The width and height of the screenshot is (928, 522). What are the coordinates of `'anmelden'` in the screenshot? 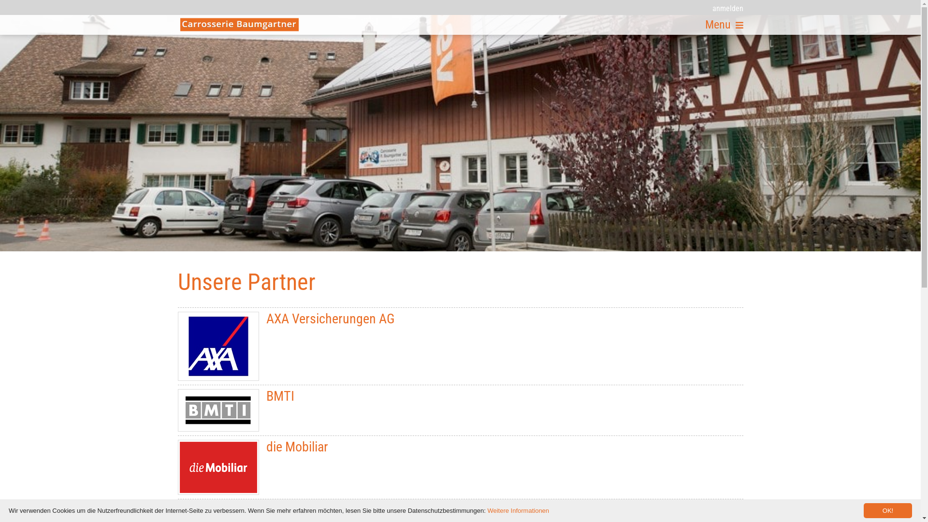 It's located at (700, 8).